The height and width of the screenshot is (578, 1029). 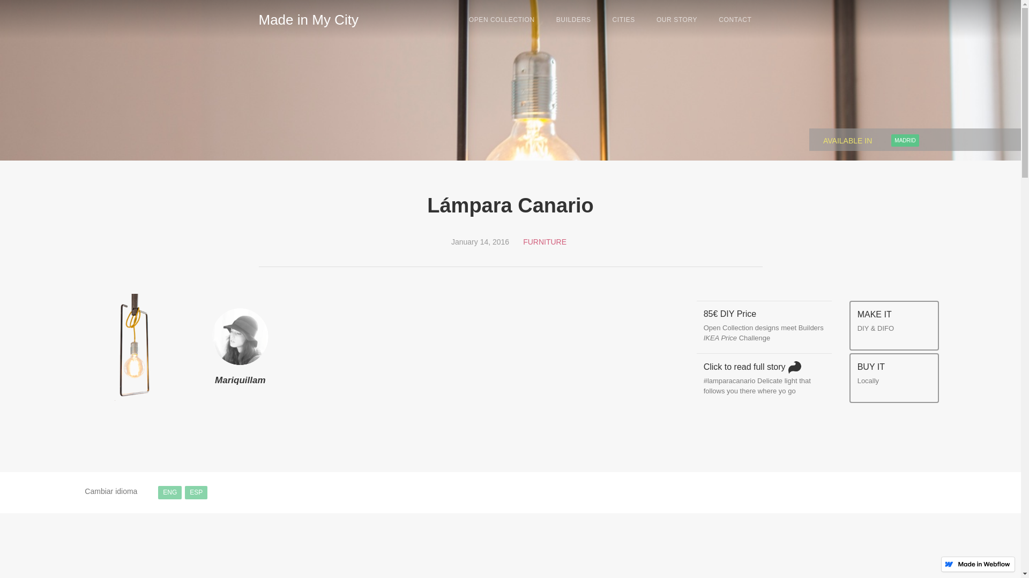 I want to click on 'MADRID', so click(x=897, y=137).